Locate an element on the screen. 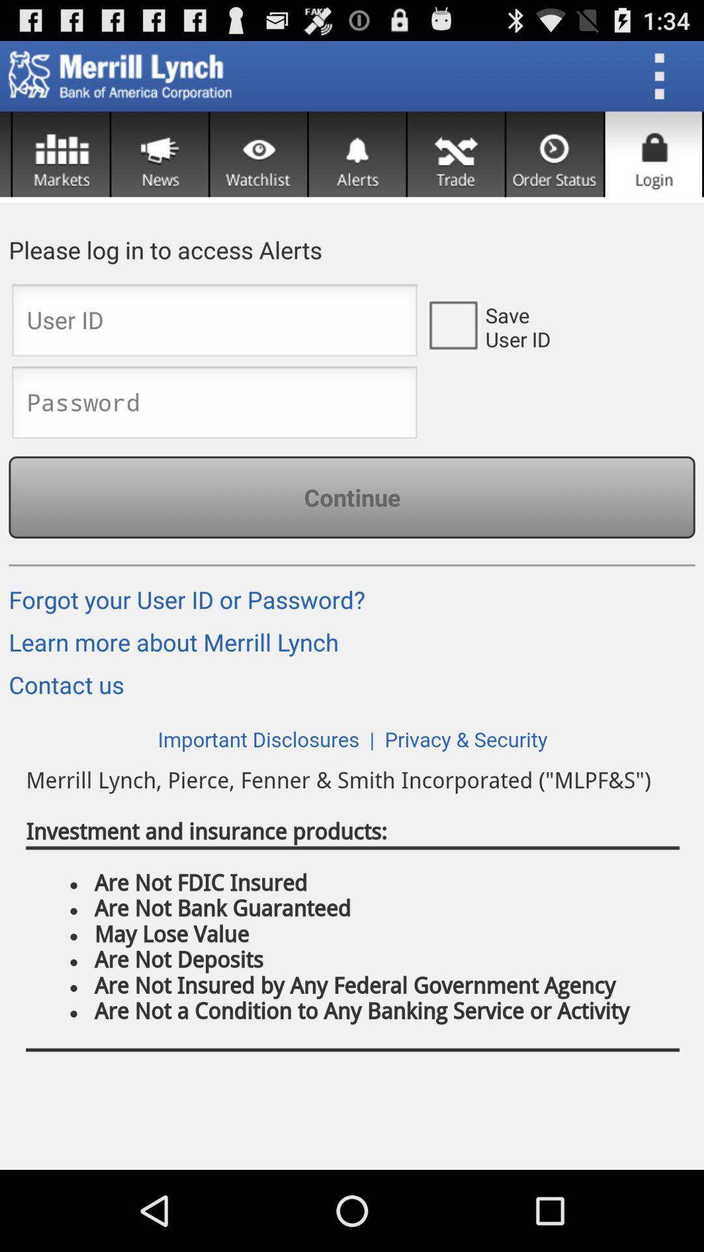 The height and width of the screenshot is (1252, 704). the three dotted icon is located at coordinates (664, 75).